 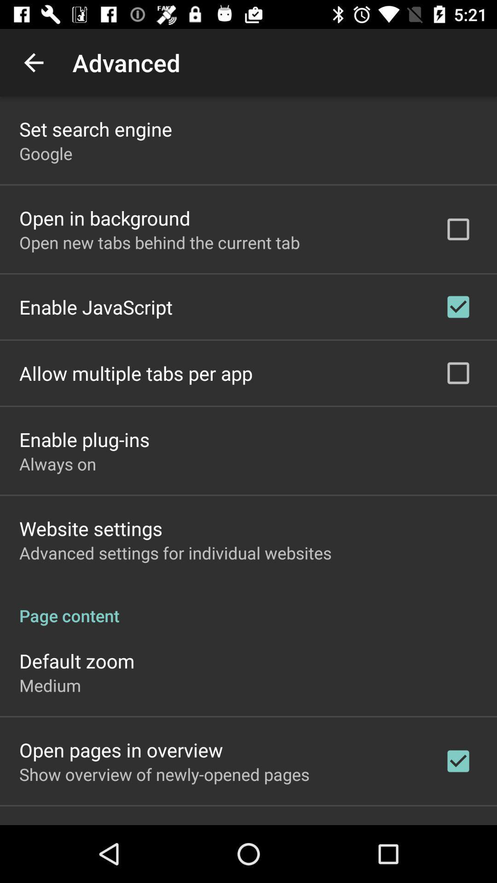 What do you see at coordinates (84, 439) in the screenshot?
I see `enable plug-ins item` at bounding box center [84, 439].